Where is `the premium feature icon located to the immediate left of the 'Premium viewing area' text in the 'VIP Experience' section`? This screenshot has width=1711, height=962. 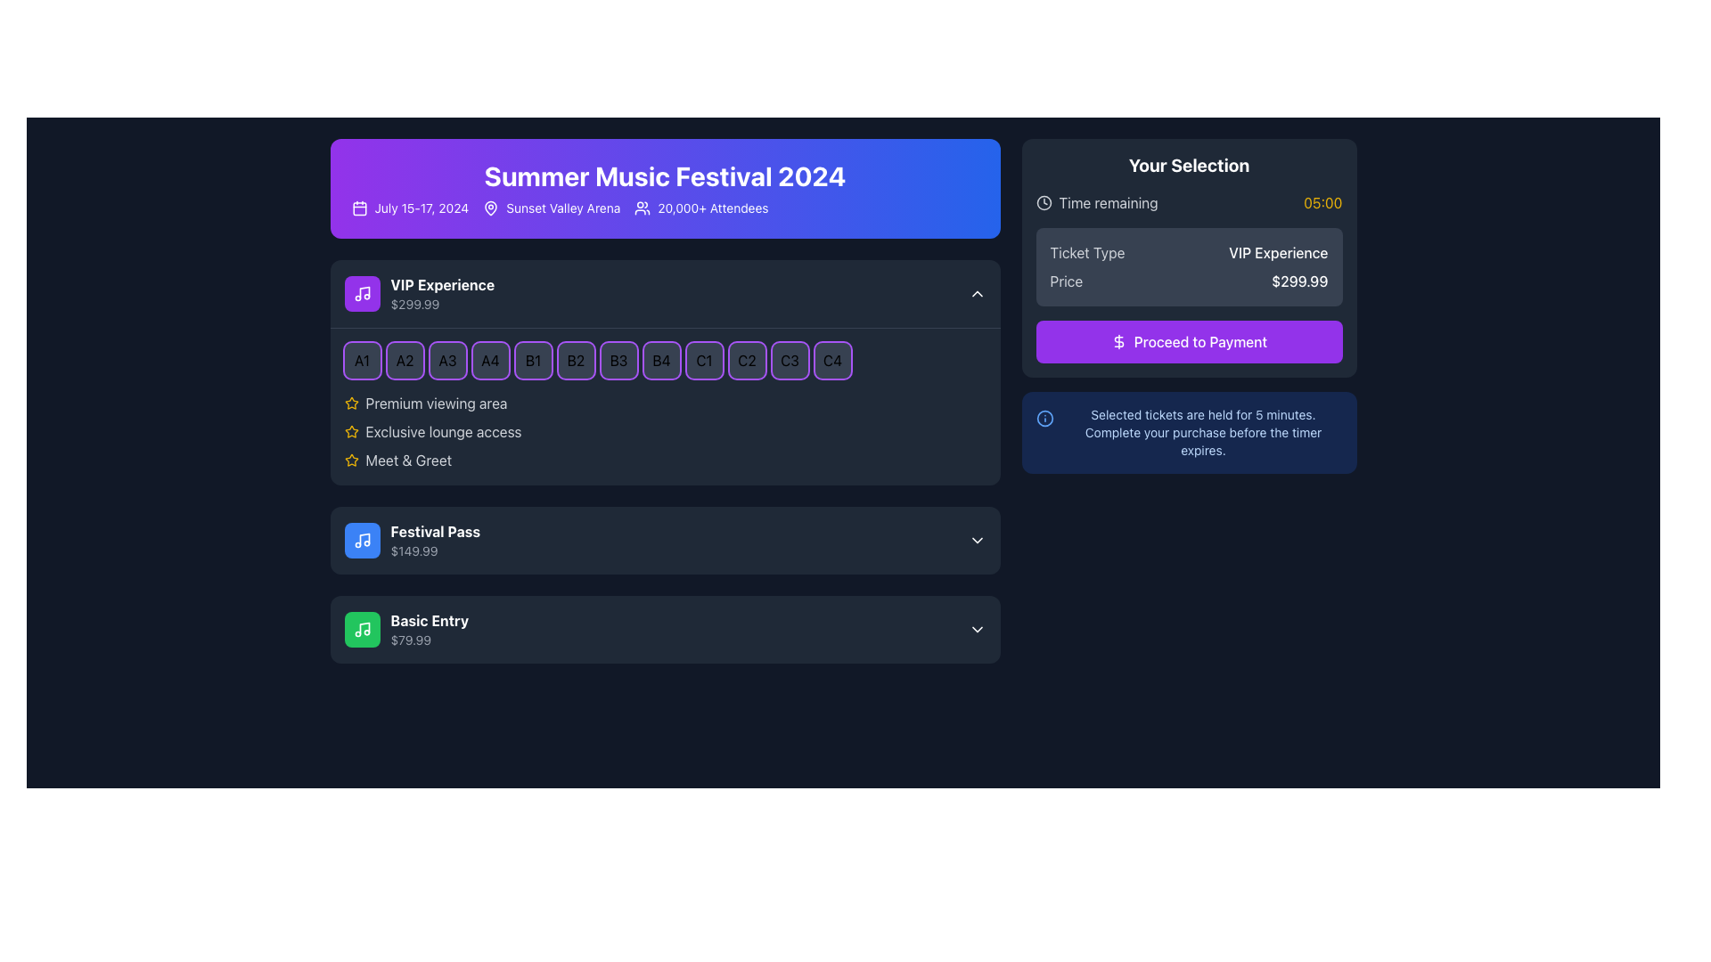 the premium feature icon located to the immediate left of the 'Premium viewing area' text in the 'VIP Experience' section is located at coordinates (351, 403).